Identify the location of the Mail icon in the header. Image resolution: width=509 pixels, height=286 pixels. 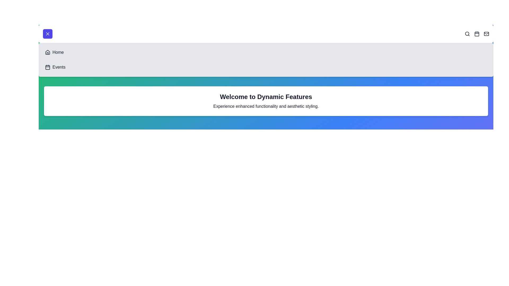
(486, 34).